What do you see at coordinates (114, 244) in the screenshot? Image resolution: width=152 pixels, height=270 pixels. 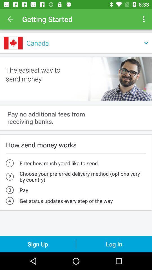 I see `the log in icon` at bounding box center [114, 244].